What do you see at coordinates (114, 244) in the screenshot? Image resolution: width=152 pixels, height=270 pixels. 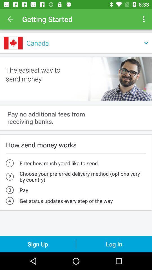 I see `the log in icon` at bounding box center [114, 244].